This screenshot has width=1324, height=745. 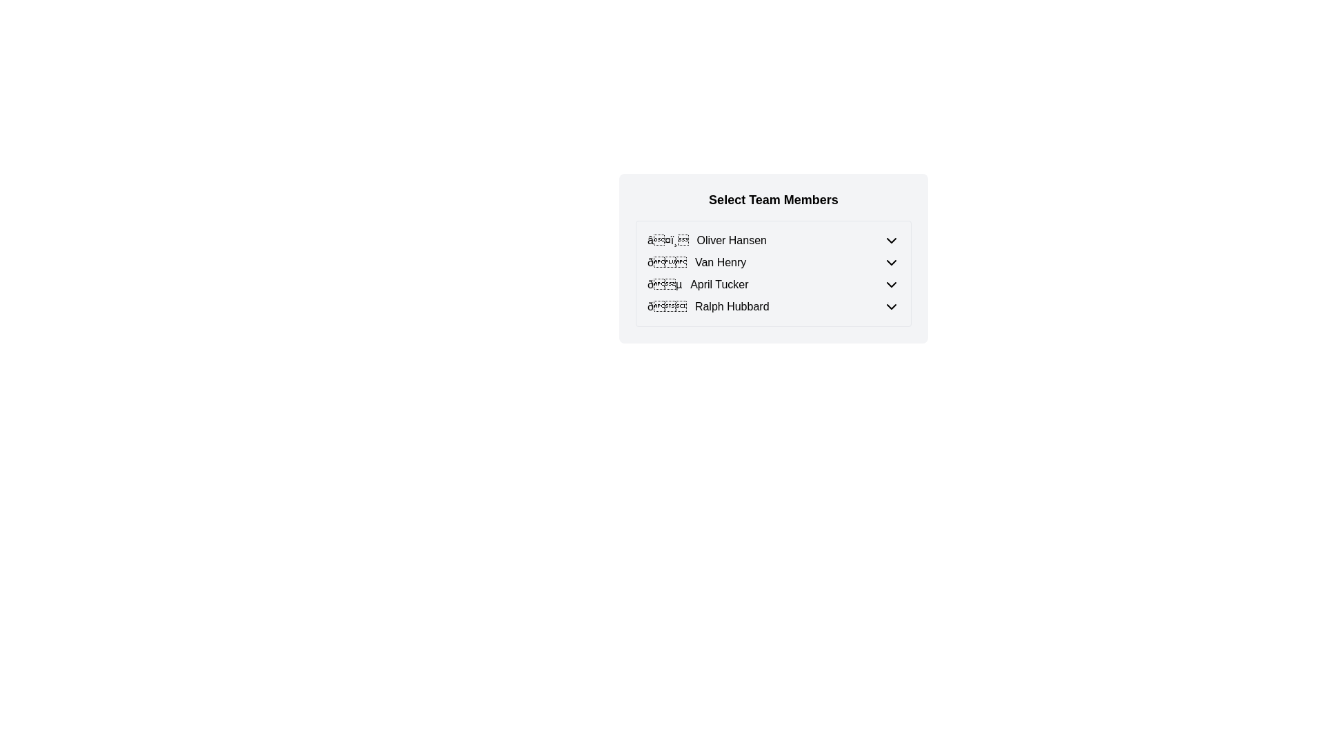 What do you see at coordinates (698, 284) in the screenshot?
I see `the list item representing 'April Tucker', located in the third row of the team members list` at bounding box center [698, 284].